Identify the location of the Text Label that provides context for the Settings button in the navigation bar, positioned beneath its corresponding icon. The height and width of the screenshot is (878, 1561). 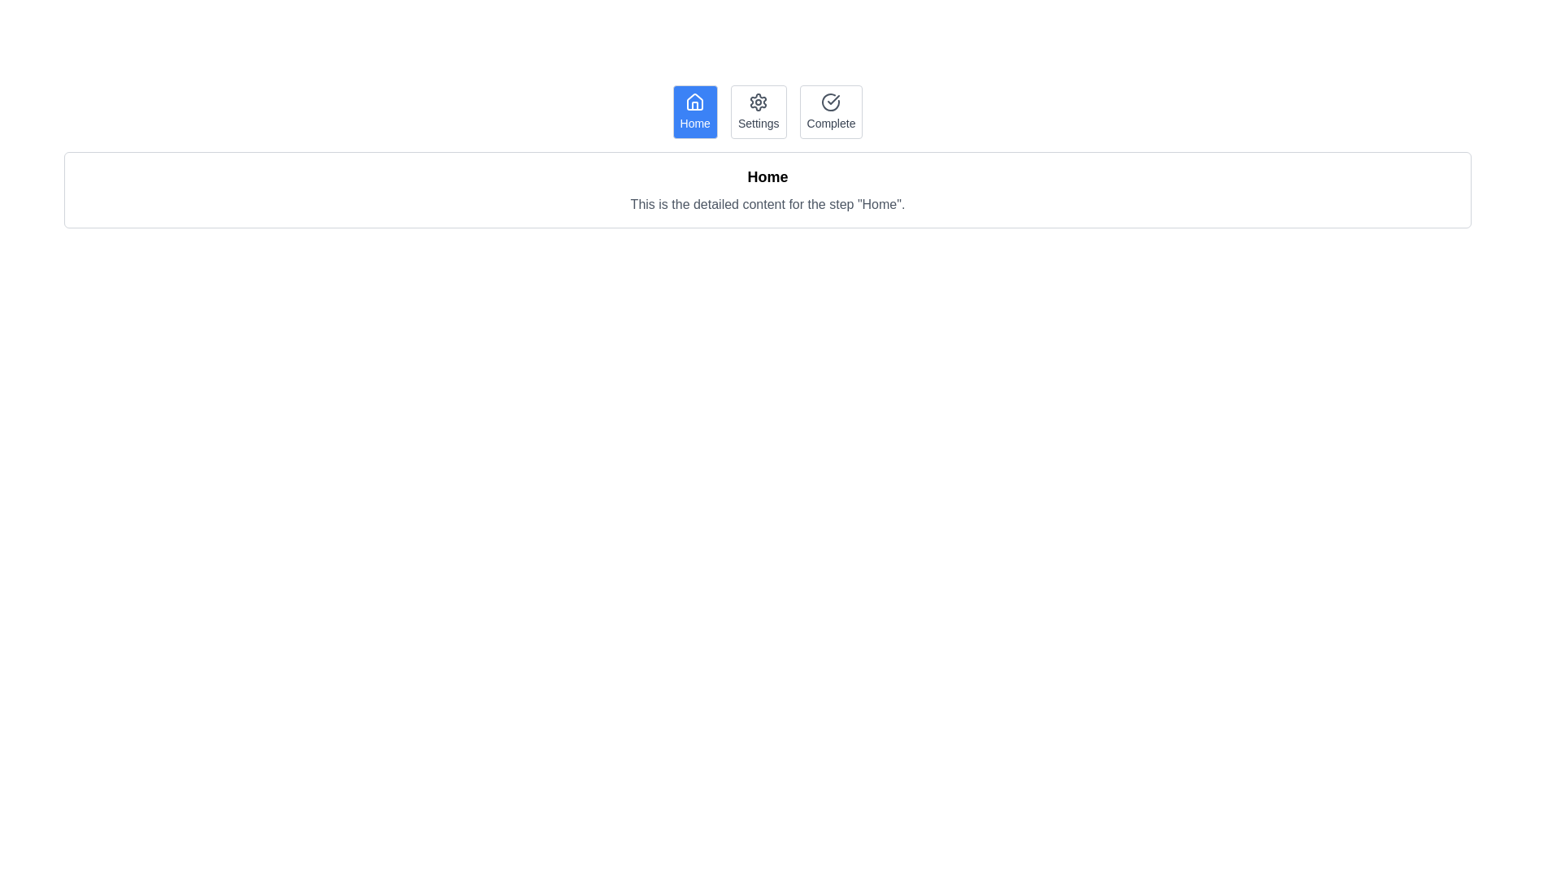
(758, 122).